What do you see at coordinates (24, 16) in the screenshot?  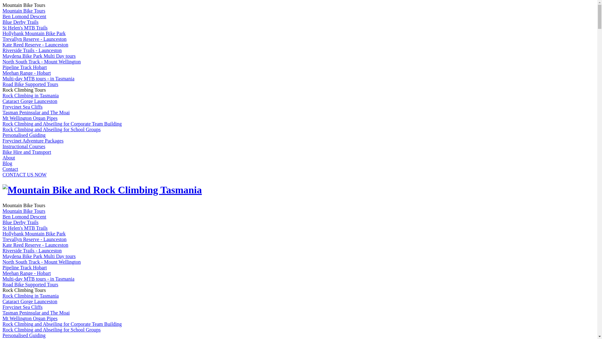 I see `'Ben Lomond Descent'` at bounding box center [24, 16].